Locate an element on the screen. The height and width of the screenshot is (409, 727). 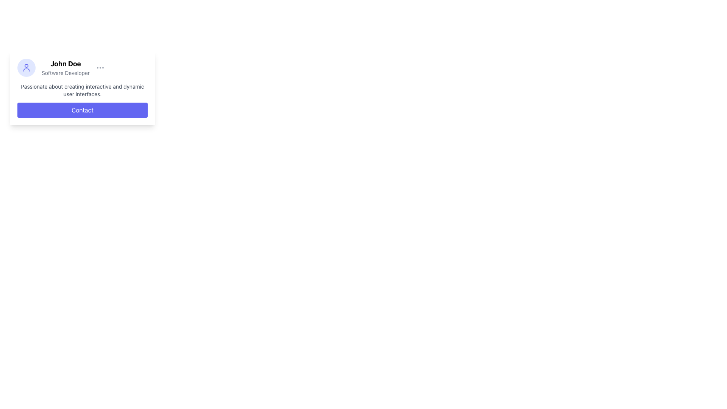
the circular icon with a light blue background and an indigo user silhouette located in the top-left corner of the profile card, preceding the text 'John Doe' and 'Software Developer' is located at coordinates (27, 67).